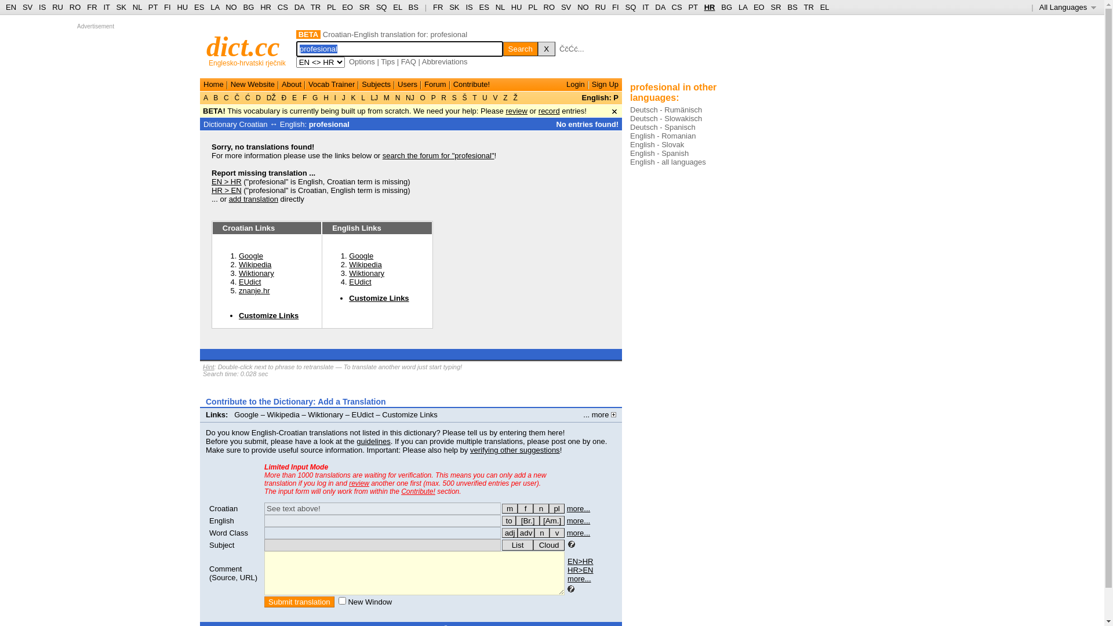 Image resolution: width=1113 pixels, height=626 pixels. I want to click on 'search the forum for "profesional"', so click(438, 155).